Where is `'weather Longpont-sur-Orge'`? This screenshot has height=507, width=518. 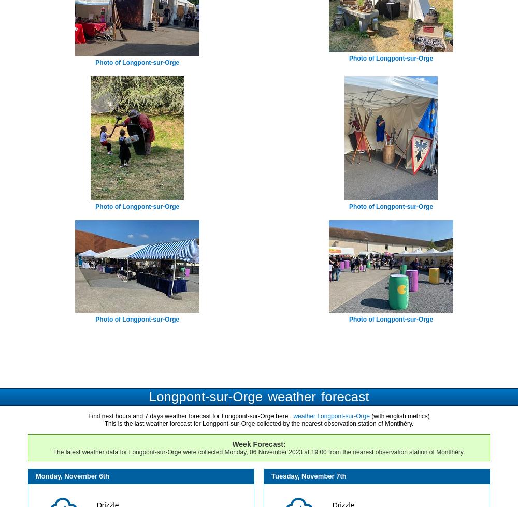 'weather Longpont-sur-Orge' is located at coordinates (331, 415).